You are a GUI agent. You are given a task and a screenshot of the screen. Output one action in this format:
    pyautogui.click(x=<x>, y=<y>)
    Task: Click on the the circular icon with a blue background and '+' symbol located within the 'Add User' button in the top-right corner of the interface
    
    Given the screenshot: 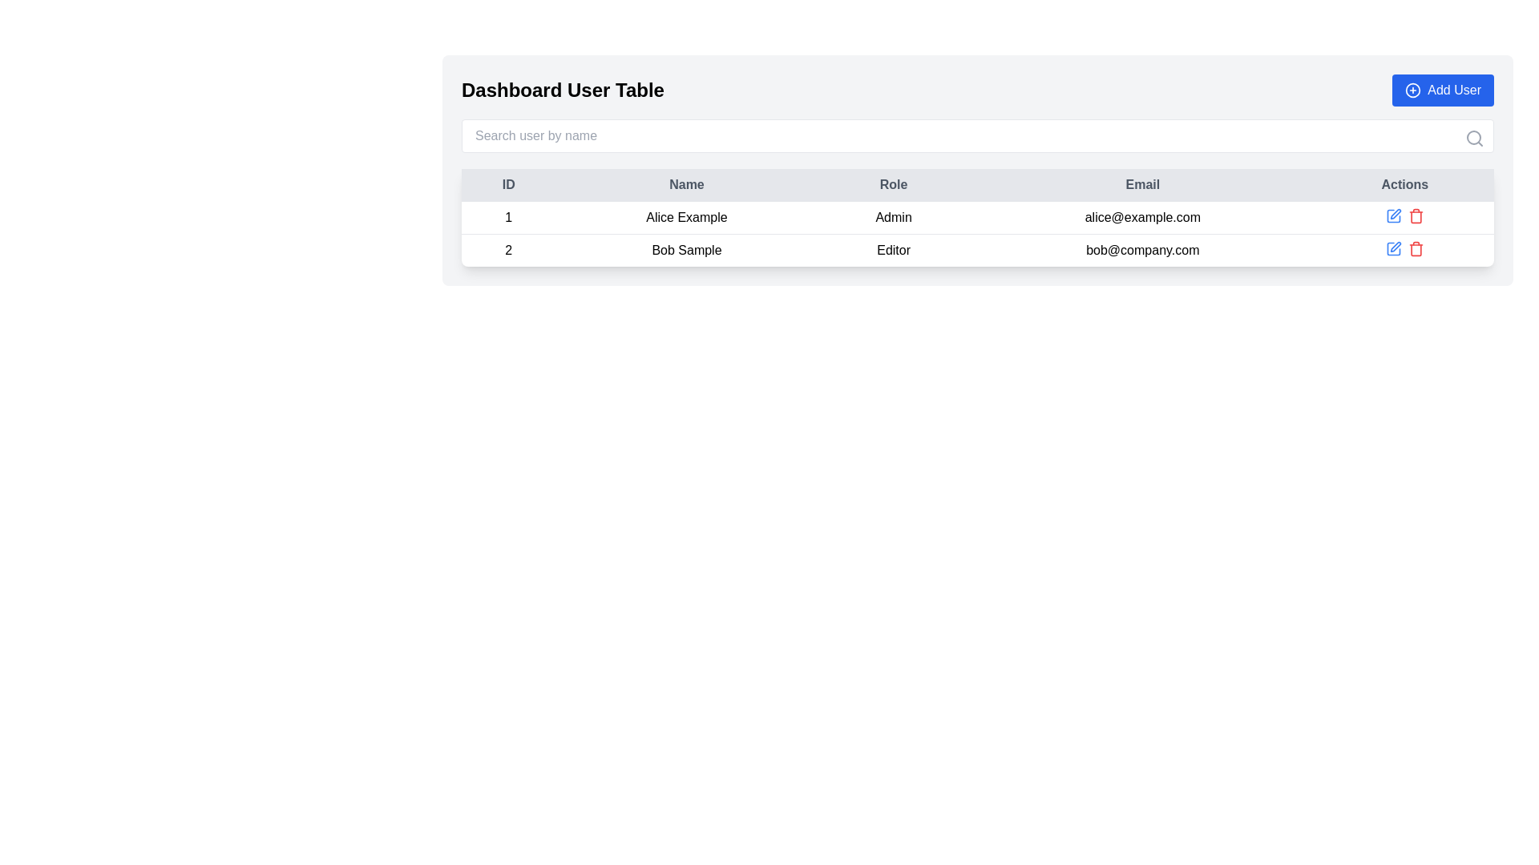 What is the action you would take?
    pyautogui.click(x=1413, y=90)
    